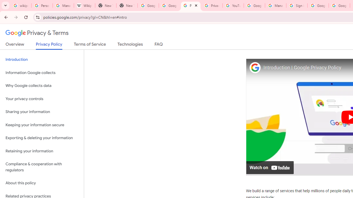  I want to click on 'Information Google collects', so click(42, 72).